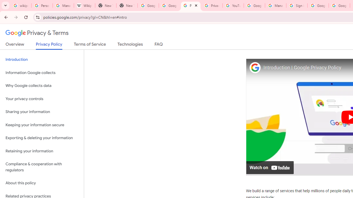  I want to click on 'Information Google collects', so click(42, 72).